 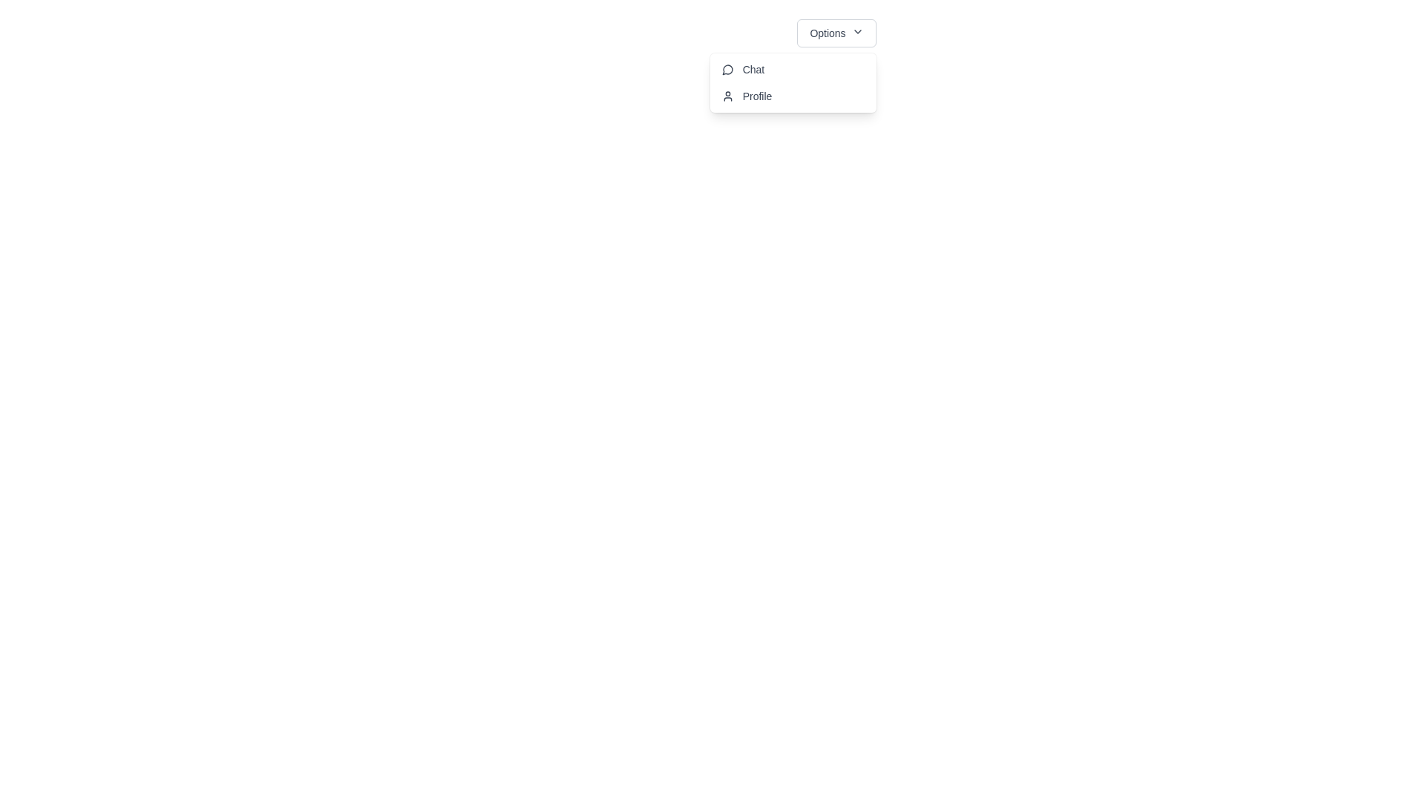 I want to click on the downward-pointing chevron icon located to the right of the 'Options' button, which has a light gray background and rounded corners, so click(x=857, y=31).